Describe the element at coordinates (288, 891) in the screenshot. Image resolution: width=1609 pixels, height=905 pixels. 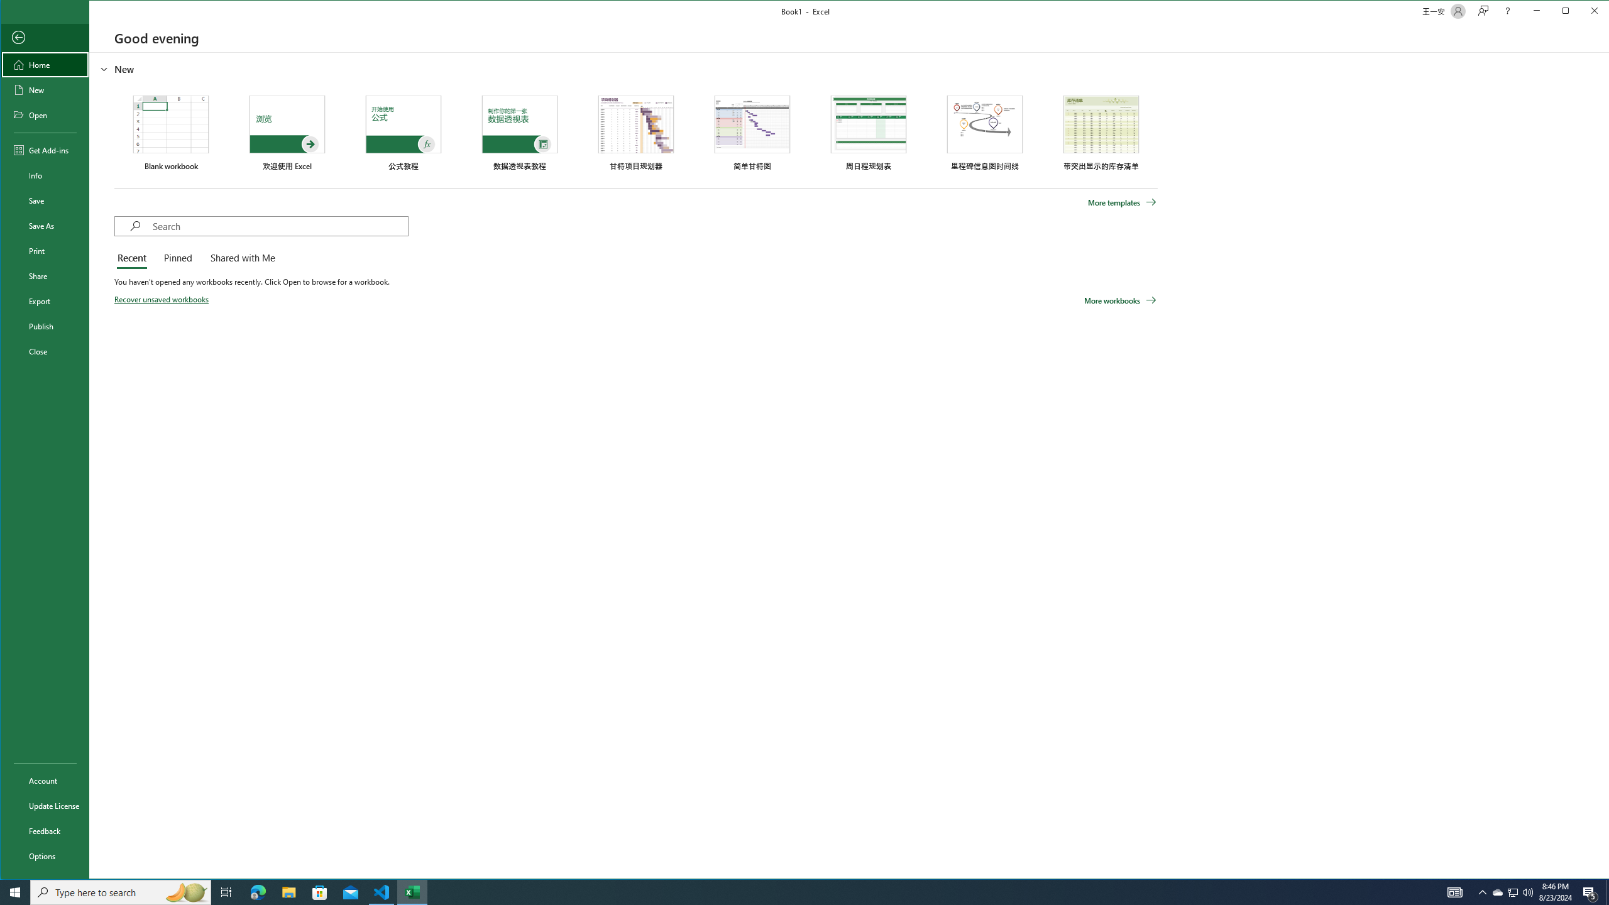
I see `'File Explorer'` at that location.